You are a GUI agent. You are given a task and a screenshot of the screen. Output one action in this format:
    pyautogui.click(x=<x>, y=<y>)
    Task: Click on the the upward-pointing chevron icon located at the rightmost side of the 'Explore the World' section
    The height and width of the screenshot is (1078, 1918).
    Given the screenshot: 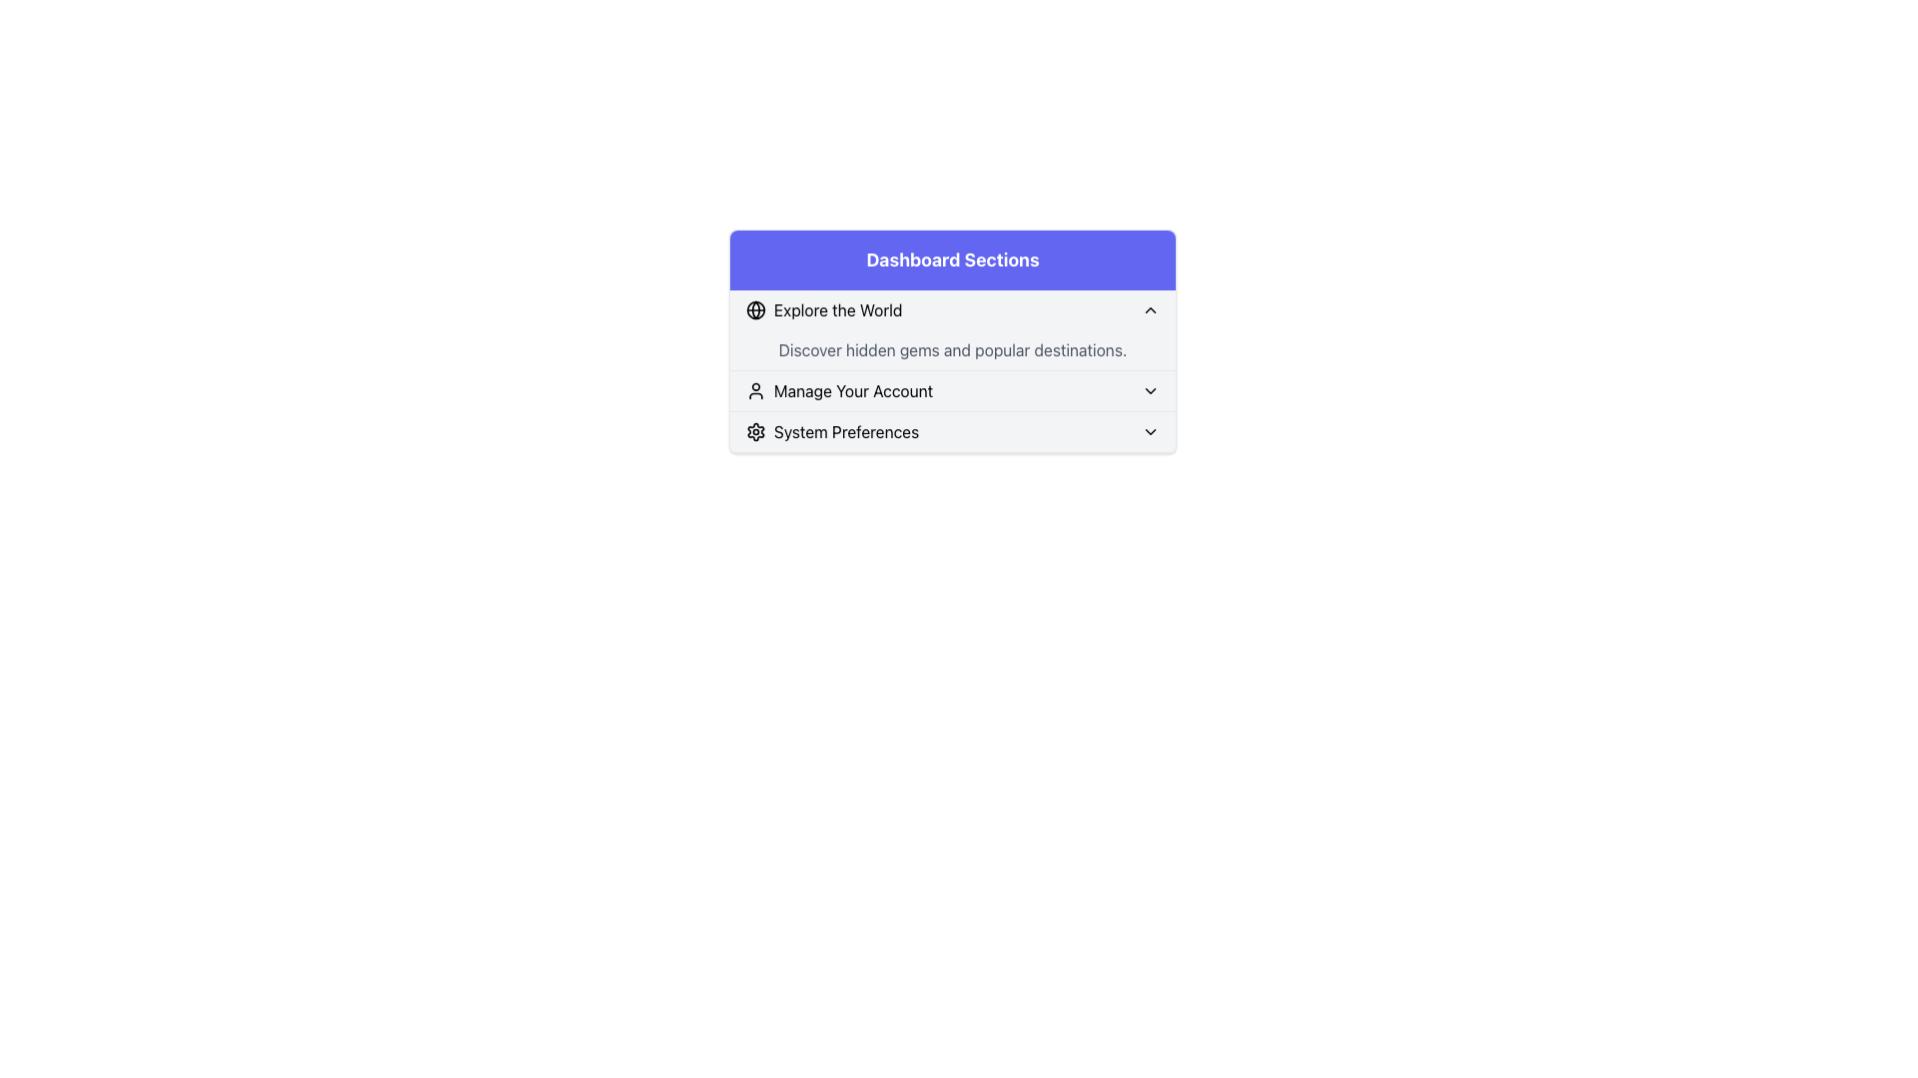 What is the action you would take?
    pyautogui.click(x=1151, y=310)
    